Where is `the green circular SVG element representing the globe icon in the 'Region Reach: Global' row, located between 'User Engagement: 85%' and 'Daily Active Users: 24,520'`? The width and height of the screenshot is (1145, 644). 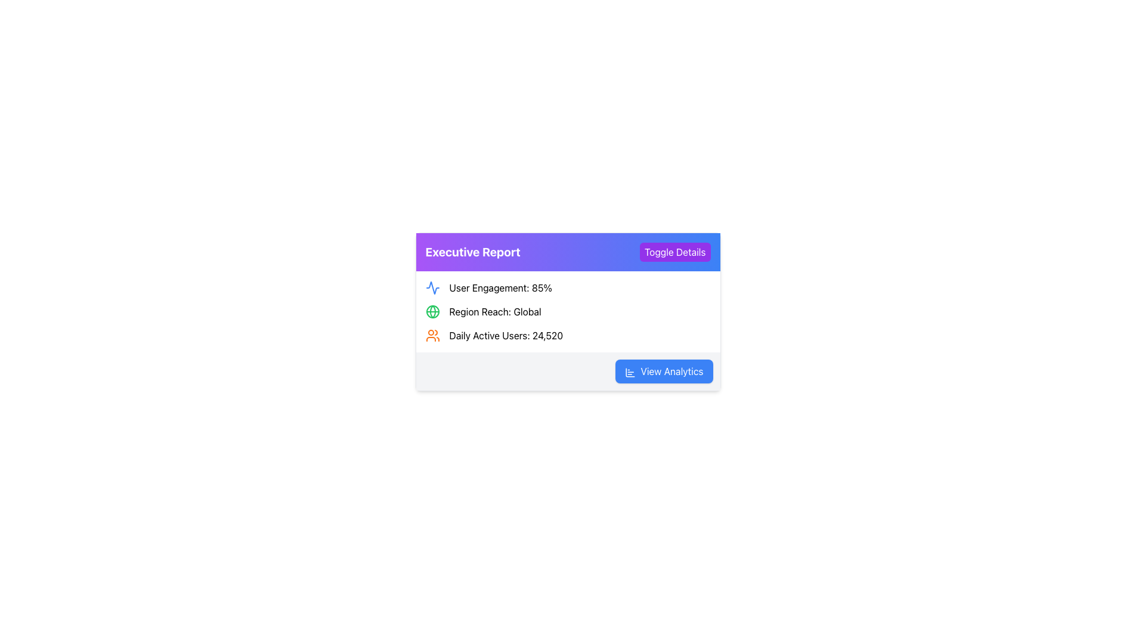 the green circular SVG element representing the globe icon in the 'Region Reach: Global' row, located between 'User Engagement: 85%' and 'Daily Active Users: 24,520' is located at coordinates (432, 311).